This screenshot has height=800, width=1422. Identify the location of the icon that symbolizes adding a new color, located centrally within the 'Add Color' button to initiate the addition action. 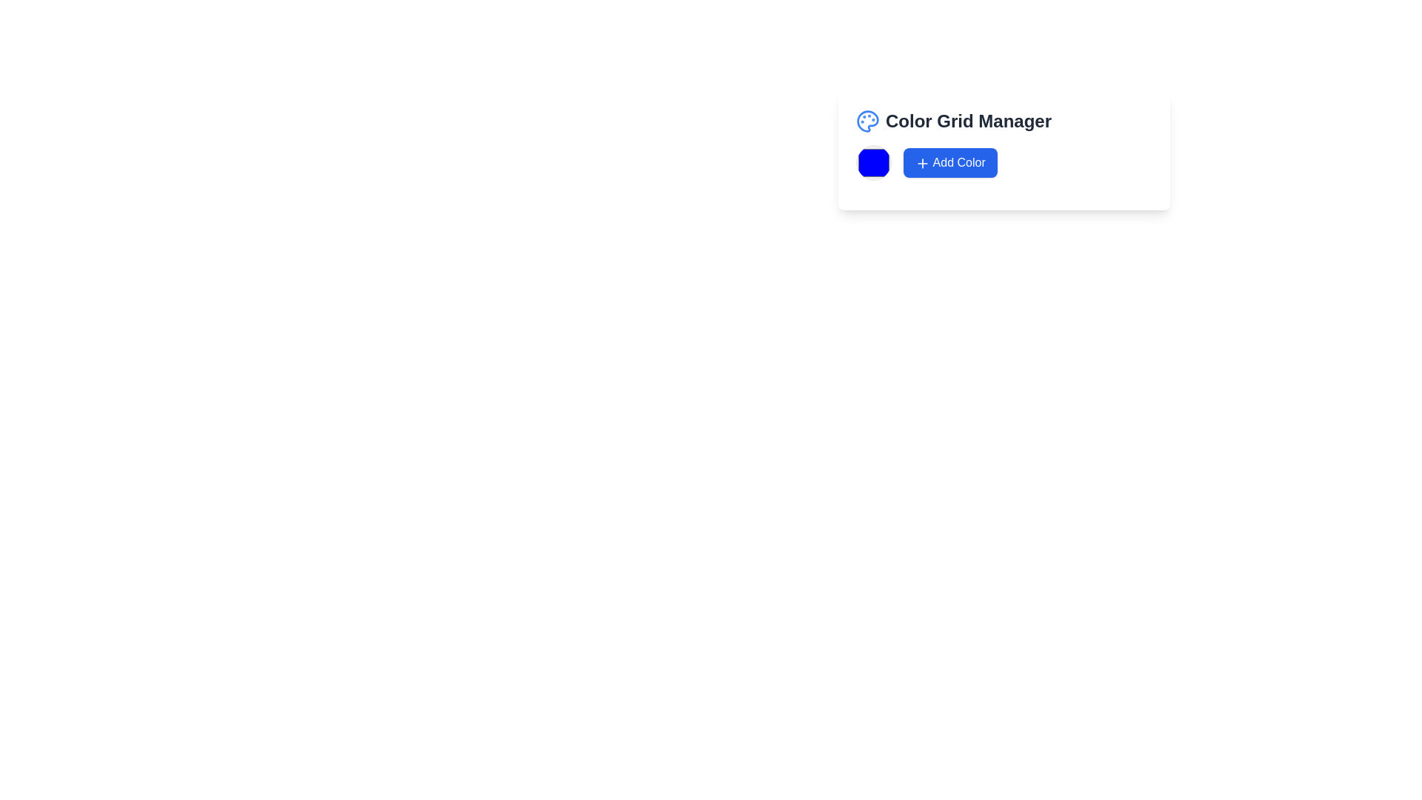
(922, 162).